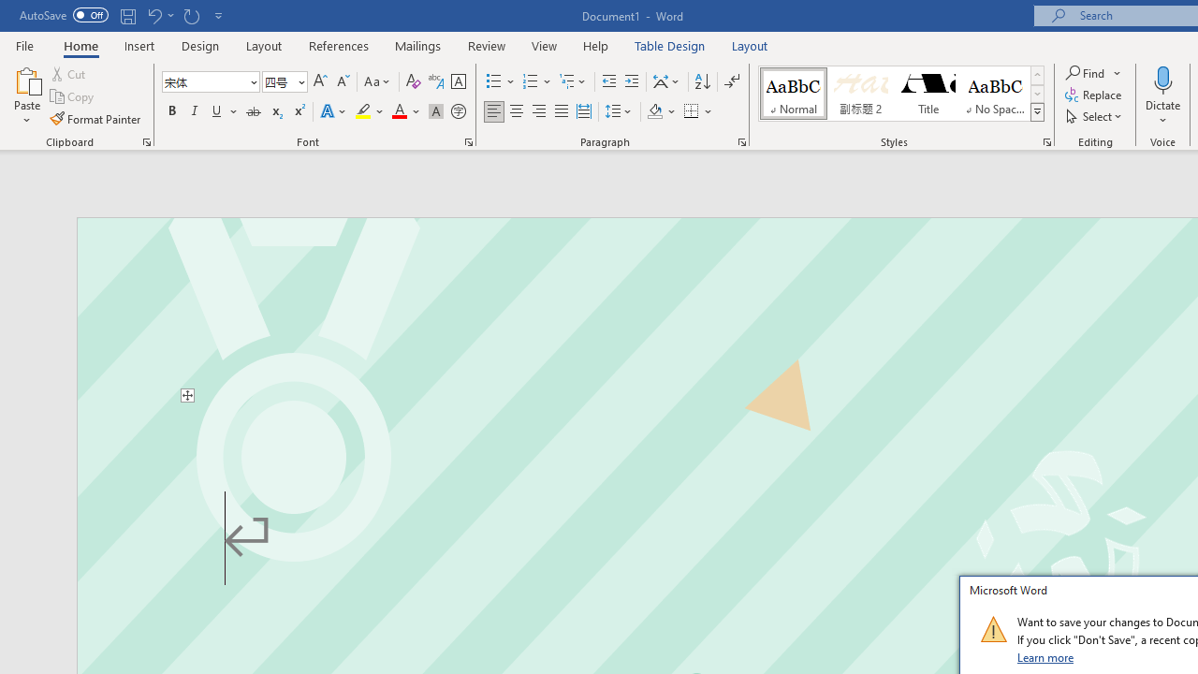 This screenshot has width=1198, height=674. Describe the element at coordinates (191, 15) in the screenshot. I see `'Repeat Doc Close'` at that location.